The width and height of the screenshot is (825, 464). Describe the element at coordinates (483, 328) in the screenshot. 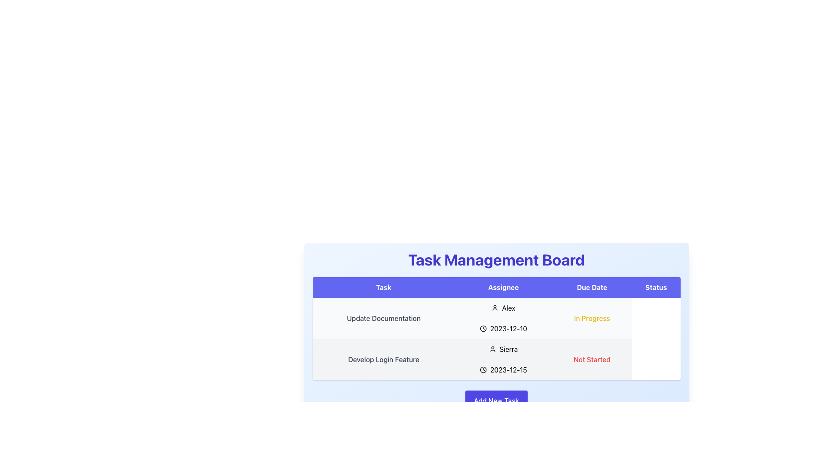

I see `the central circular shape within the clock icon located in the 'Due Date' column next to the text '2023-12-15'` at that location.